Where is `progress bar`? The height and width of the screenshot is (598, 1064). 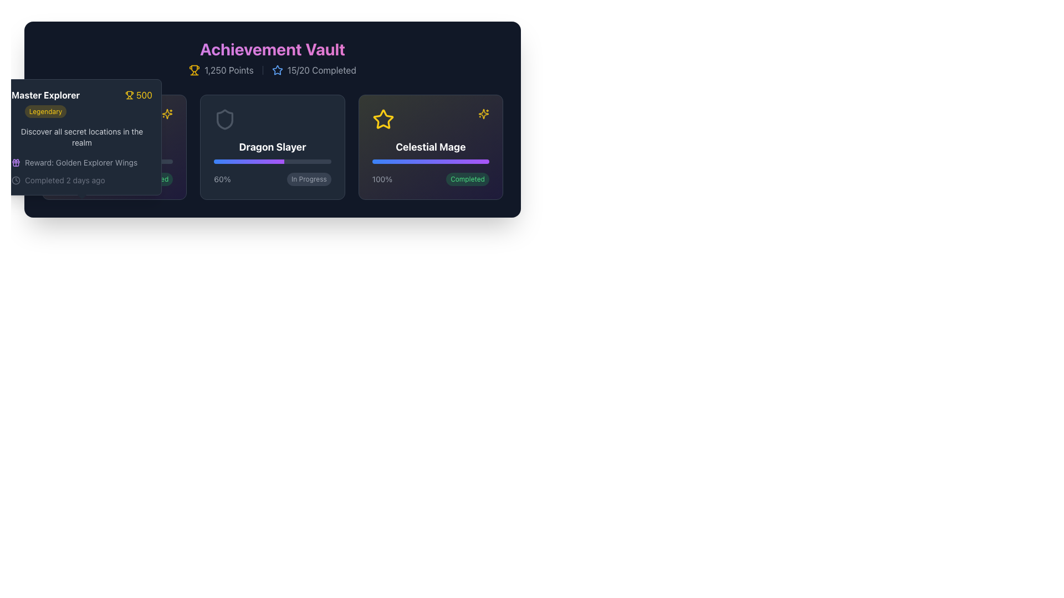
progress bar is located at coordinates (245, 162).